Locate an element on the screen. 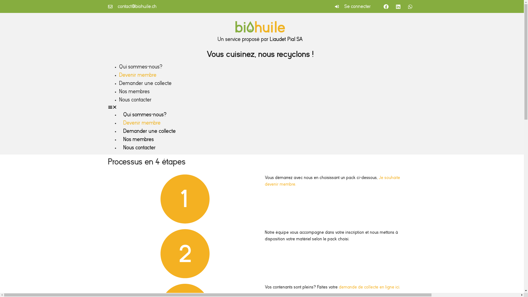 This screenshot has height=297, width=528. 'Demander une collecte' is located at coordinates (145, 83).